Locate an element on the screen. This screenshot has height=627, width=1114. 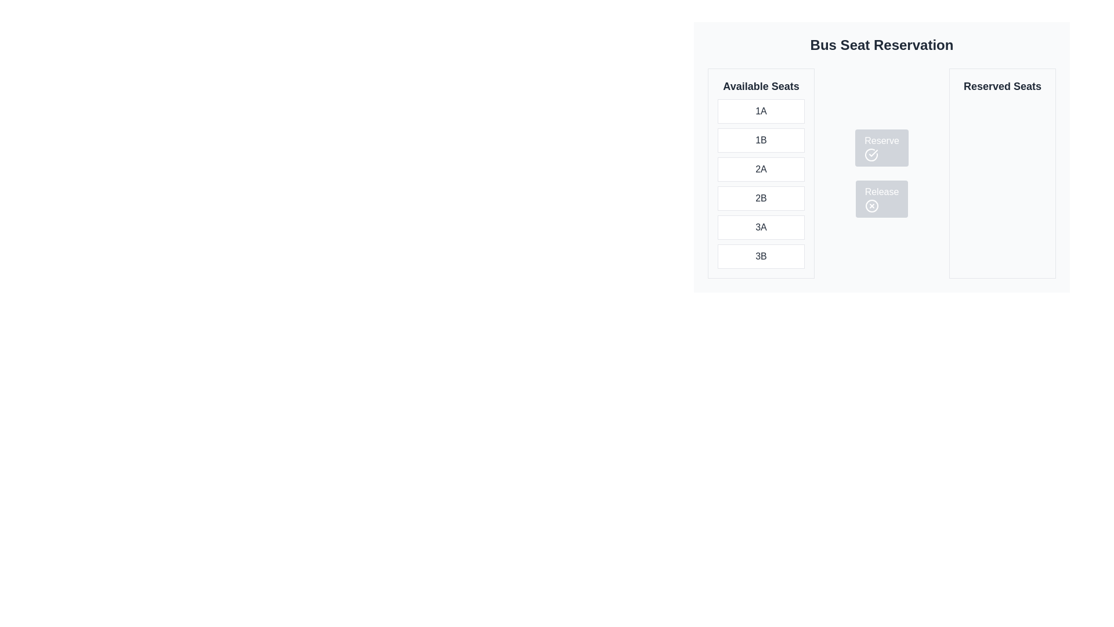
the vertical button group containing 'Reserve' and 'Release' buttons is located at coordinates (882, 174).